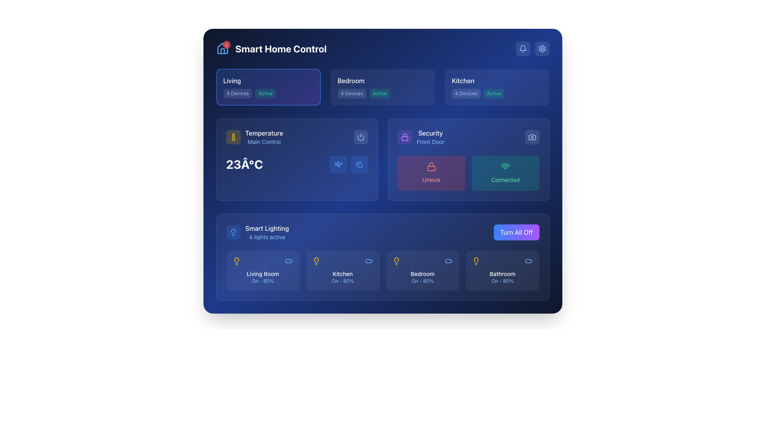  What do you see at coordinates (431, 166) in the screenshot?
I see `the security icon that visually represents a locked state, located above the 'Unlock' button within the 'Security' card` at bounding box center [431, 166].